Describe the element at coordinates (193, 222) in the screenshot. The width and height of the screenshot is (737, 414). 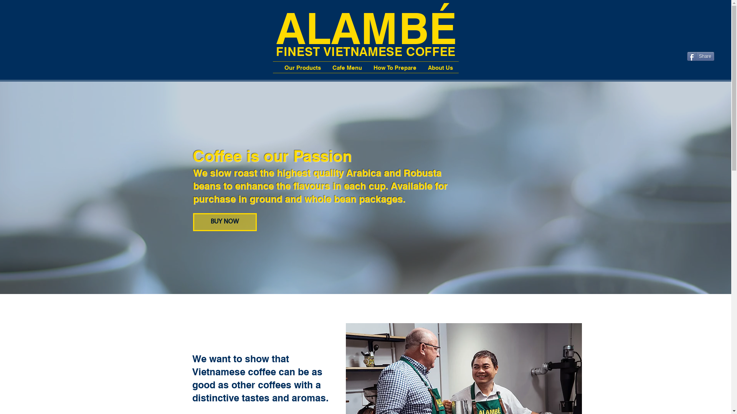
I see `'BUY NOW'` at that location.